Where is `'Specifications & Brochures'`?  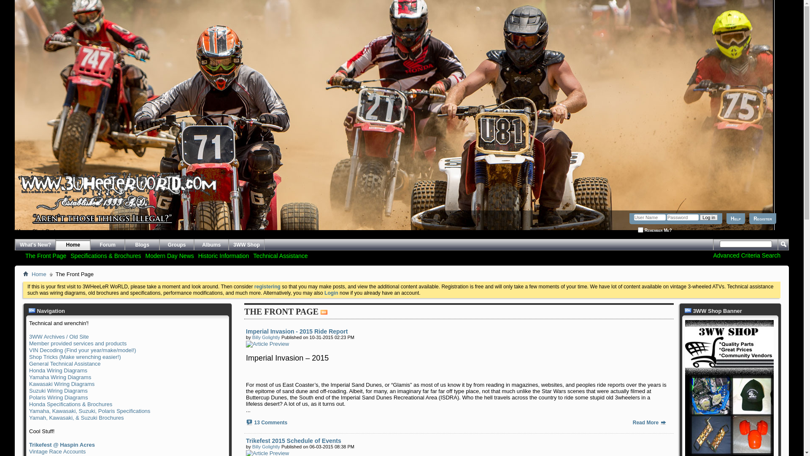 'Specifications & Brochures' is located at coordinates (105, 255).